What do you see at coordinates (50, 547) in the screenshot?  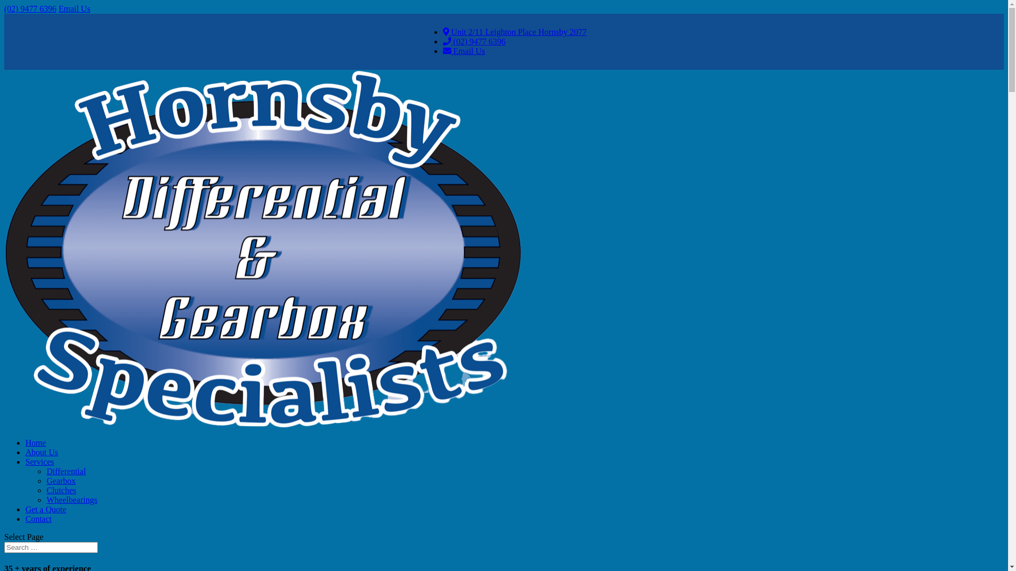 I see `'Search for:'` at bounding box center [50, 547].